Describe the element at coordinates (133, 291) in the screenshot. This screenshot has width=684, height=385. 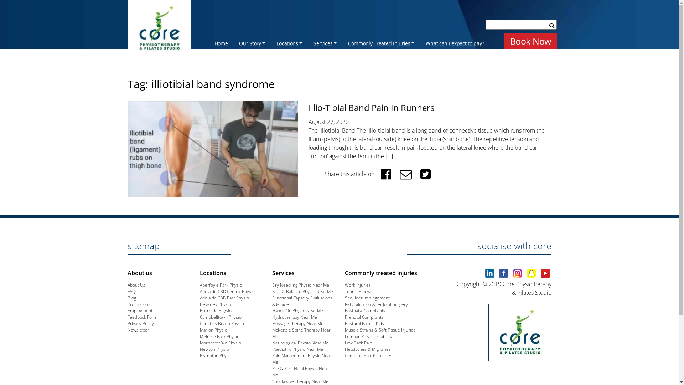
I see `'FAQs'` at that location.